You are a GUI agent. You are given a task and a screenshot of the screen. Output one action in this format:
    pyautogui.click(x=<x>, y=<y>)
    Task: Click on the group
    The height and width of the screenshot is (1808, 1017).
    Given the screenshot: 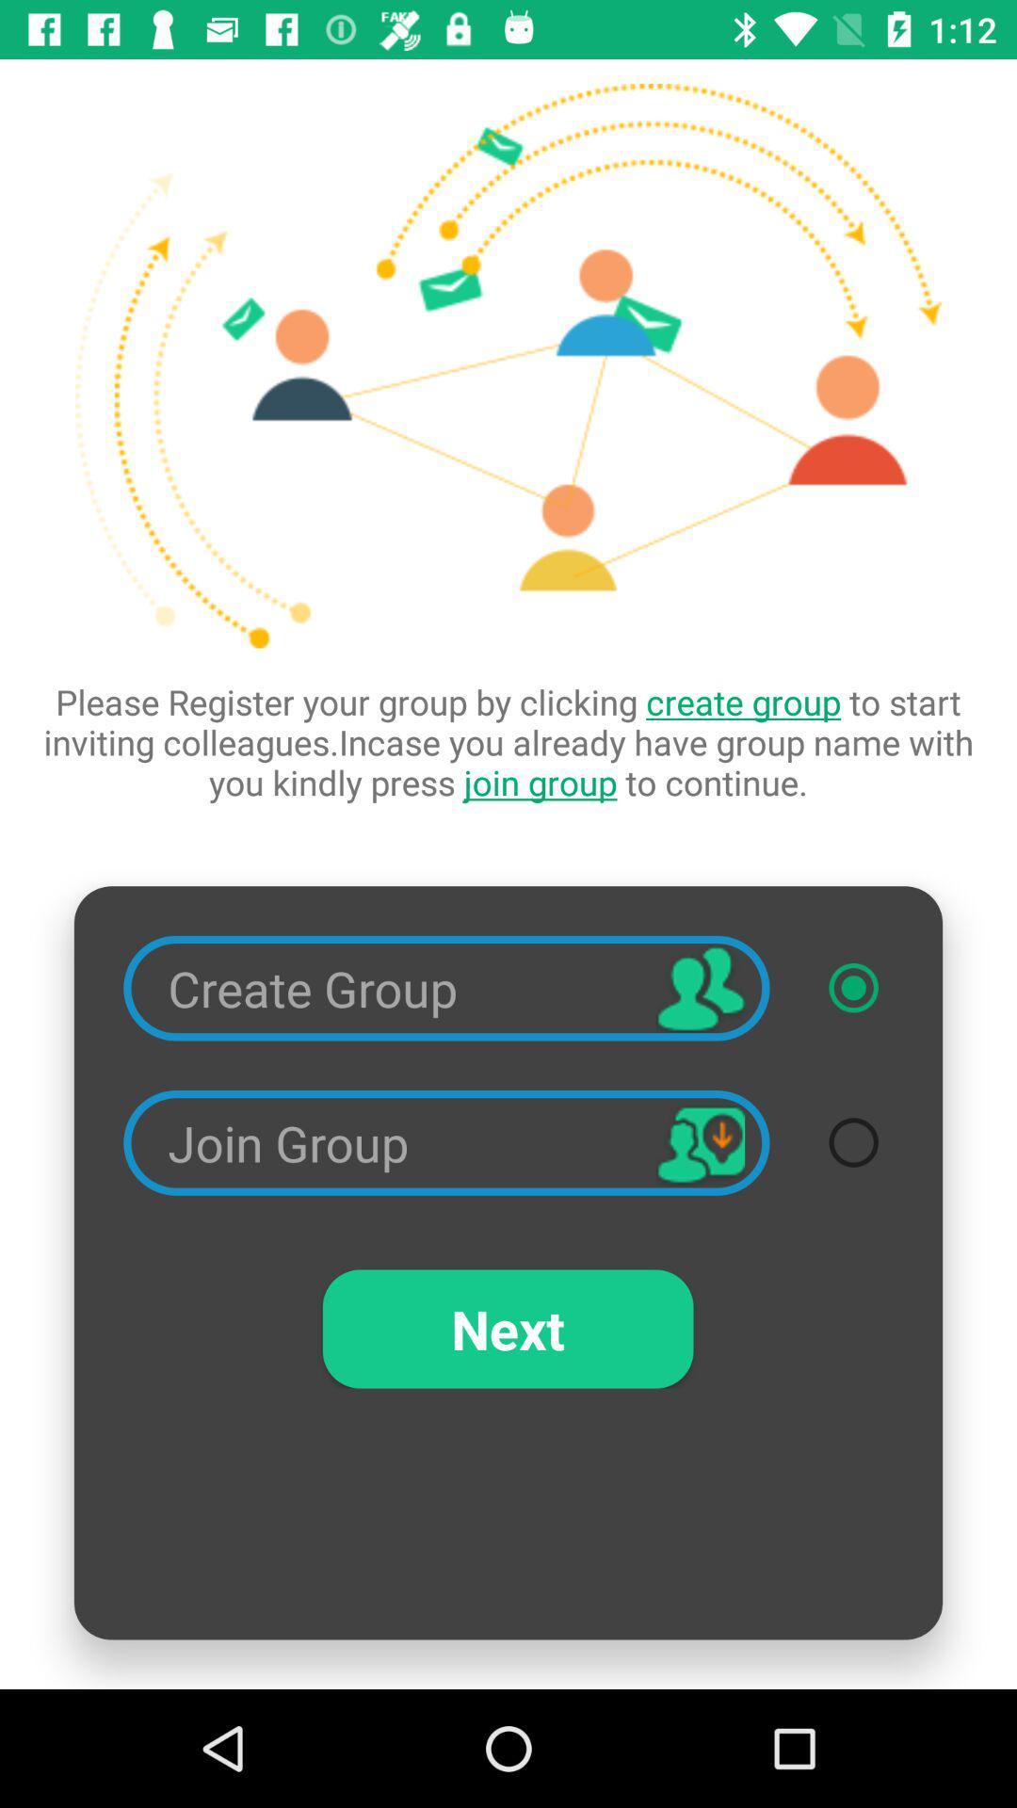 What is the action you would take?
    pyautogui.click(x=853, y=987)
    